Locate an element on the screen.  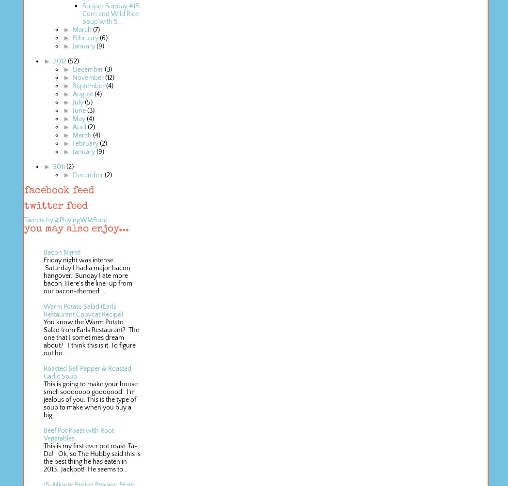
'Bacon Night!' is located at coordinates (62, 252).